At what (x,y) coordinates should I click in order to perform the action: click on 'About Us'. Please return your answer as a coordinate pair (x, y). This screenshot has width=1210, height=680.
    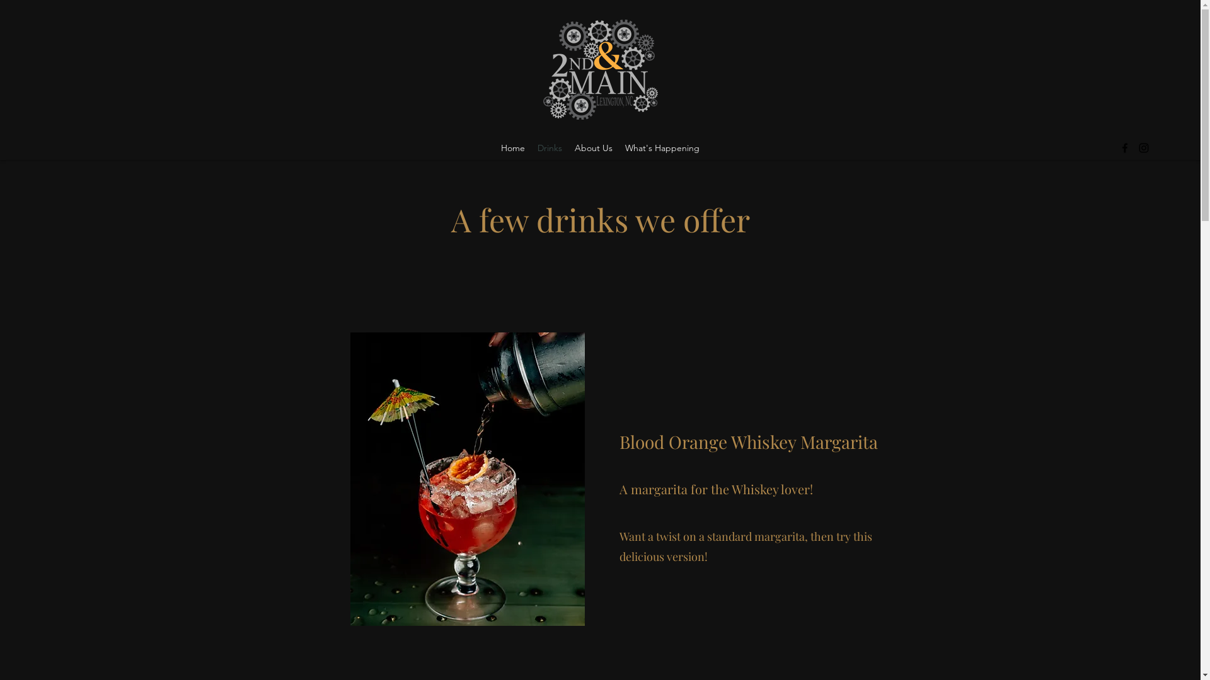
    Looking at the image, I should click on (592, 147).